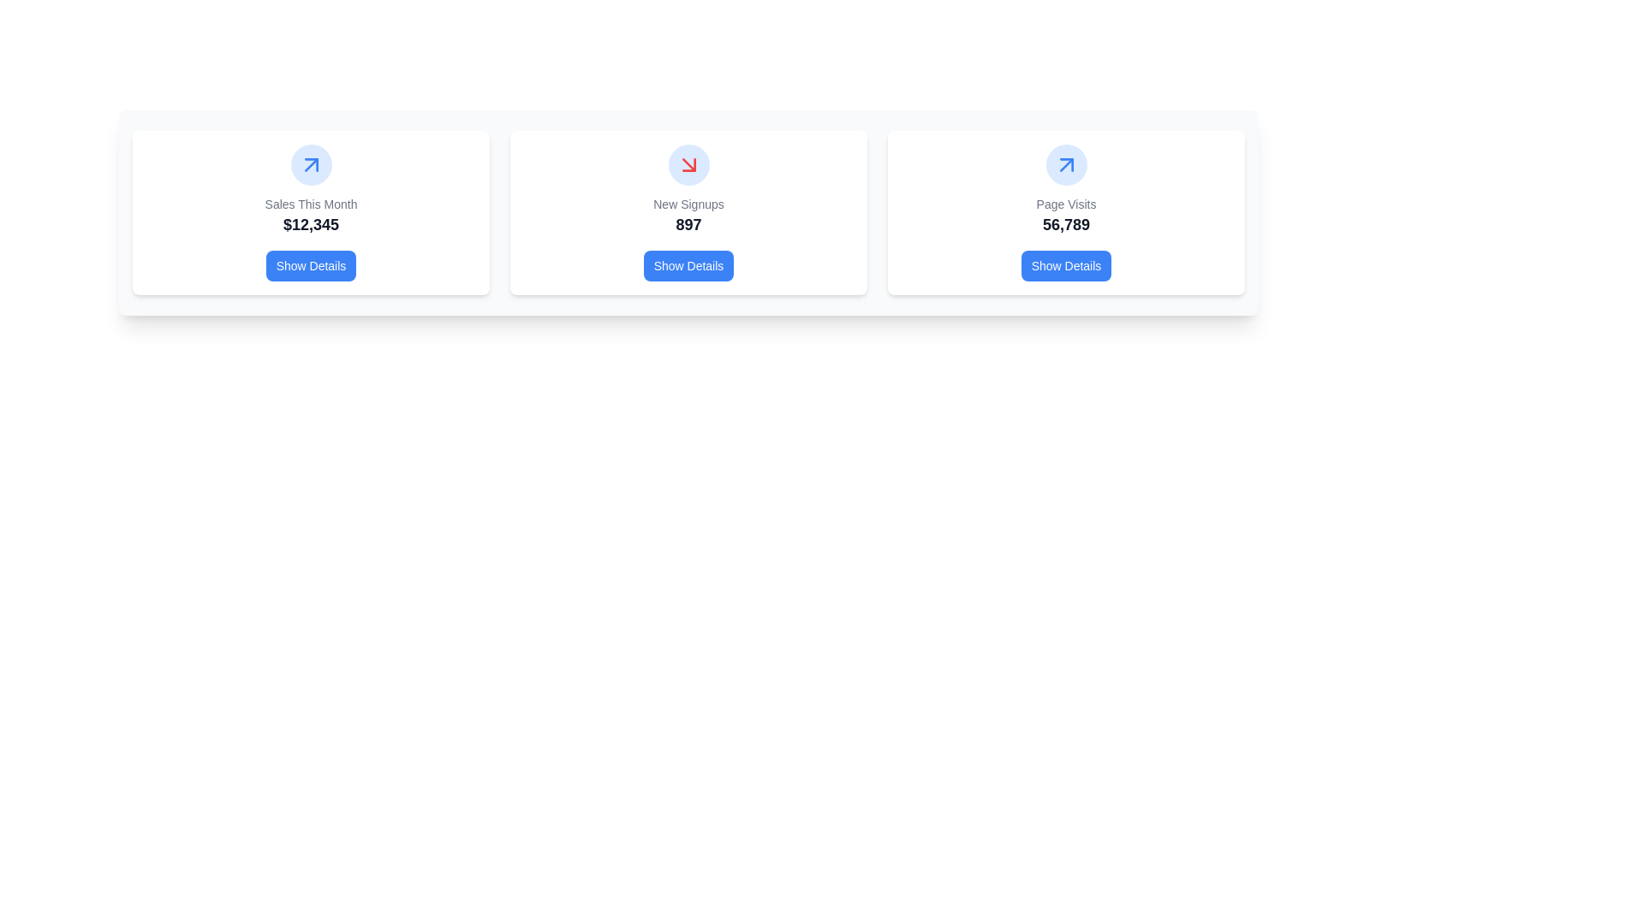 The image size is (1644, 924). I want to click on 'New Signups' label located in the second card of a horizontal row, positioned below a blue circular icon with a downward arrow, so click(688, 204).